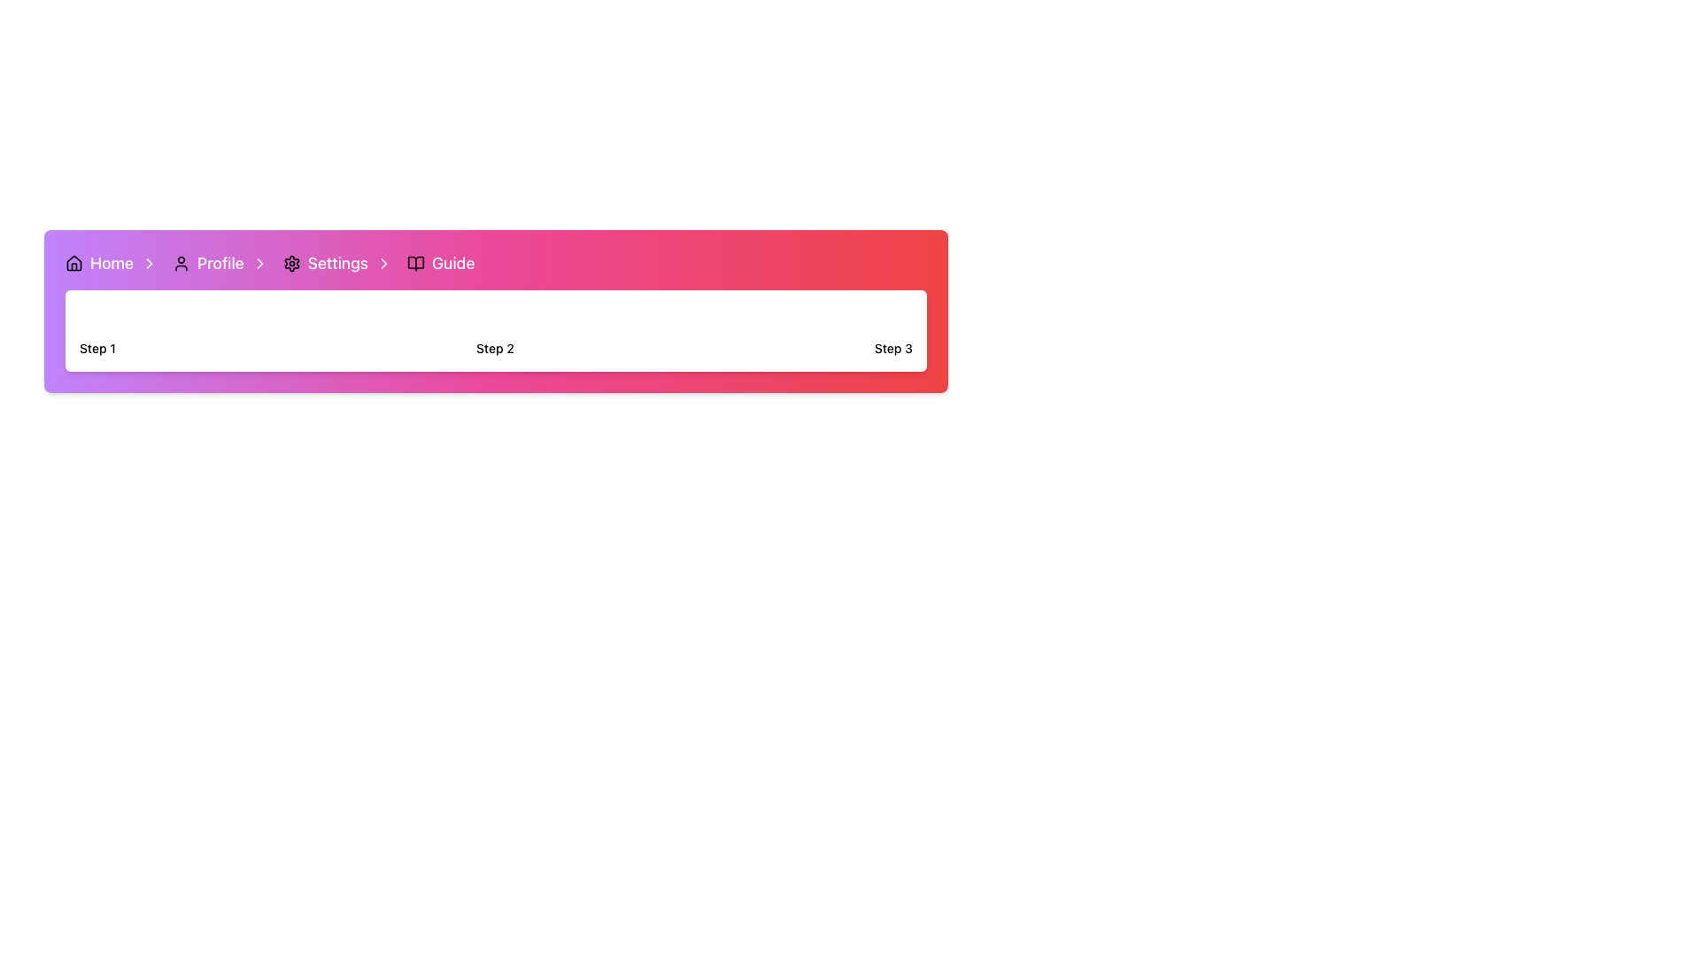  Describe the element at coordinates (220, 263) in the screenshot. I see `the 'Profile' Navigation Item` at that location.